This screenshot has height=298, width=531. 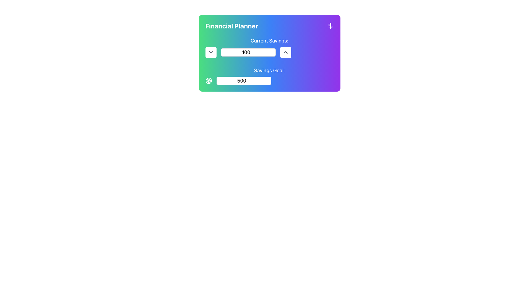 What do you see at coordinates (231, 26) in the screenshot?
I see `the text element that serves as the title for the financial planning interface, located at the top-left of a rectangular card interface` at bounding box center [231, 26].